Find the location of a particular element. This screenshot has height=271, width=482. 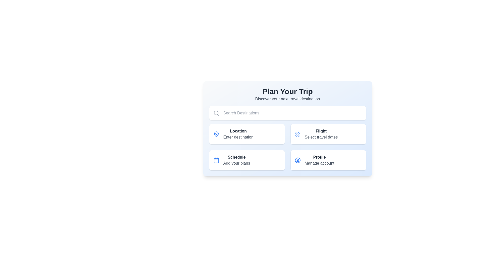

the Text label located under the 'Profile' section, which serves as a descriptor or guidance for the user is located at coordinates (319, 163).